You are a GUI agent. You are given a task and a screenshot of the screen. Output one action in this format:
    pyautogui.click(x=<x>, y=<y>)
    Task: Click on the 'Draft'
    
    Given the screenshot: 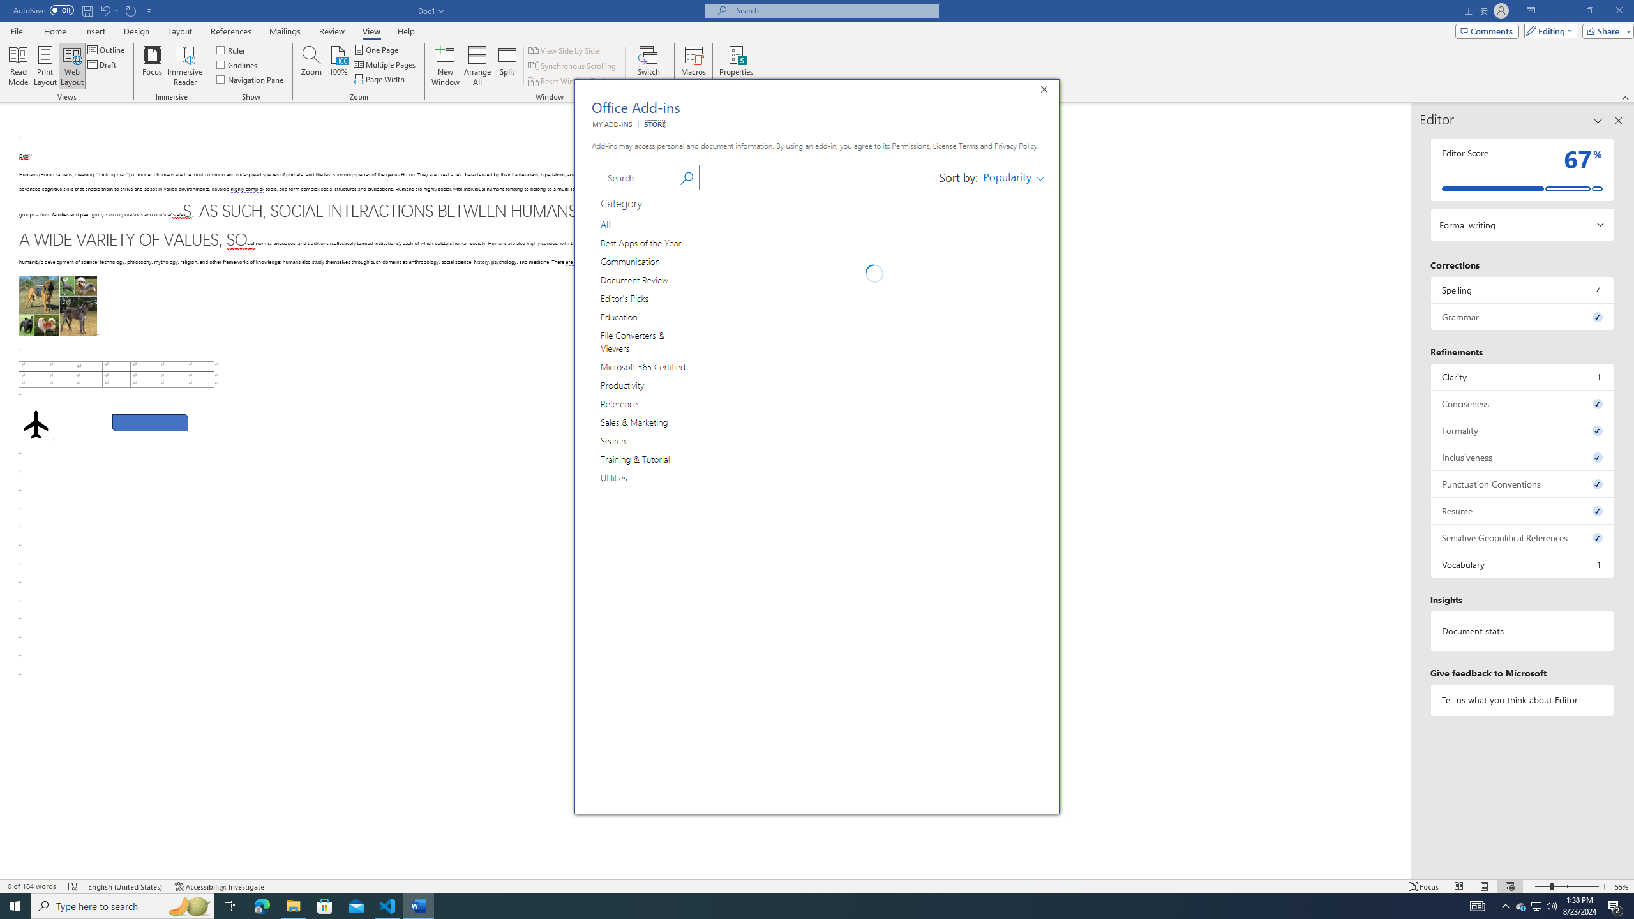 What is the action you would take?
    pyautogui.click(x=102, y=63)
    